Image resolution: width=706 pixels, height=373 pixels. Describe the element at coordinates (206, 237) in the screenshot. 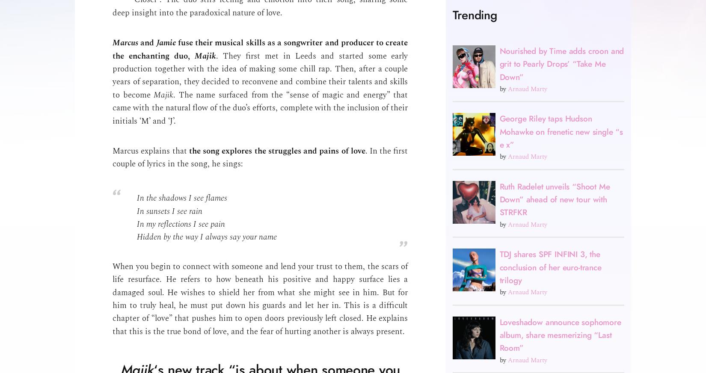

I see `'Hidden by the way I always say your name'` at that location.